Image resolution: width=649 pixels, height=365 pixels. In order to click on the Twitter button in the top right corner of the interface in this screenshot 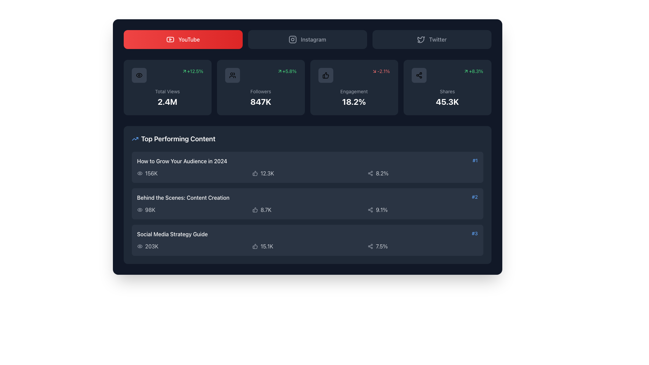, I will do `click(420, 40)`.